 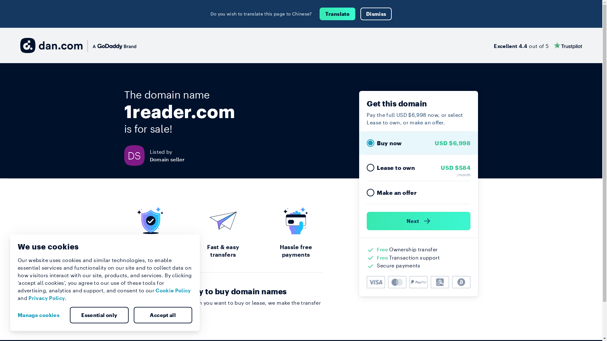 I want to click on 'Accept all', so click(x=162, y=315).